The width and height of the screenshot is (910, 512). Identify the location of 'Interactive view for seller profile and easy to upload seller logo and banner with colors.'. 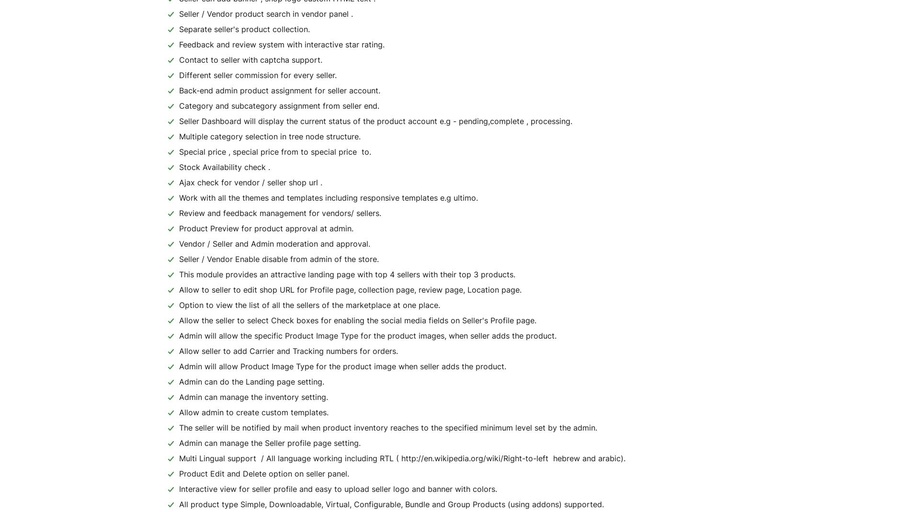
(338, 489).